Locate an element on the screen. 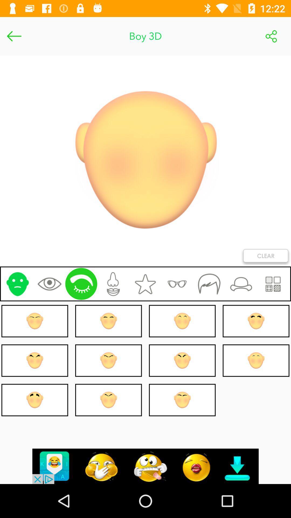 The image size is (291, 518). clear choices is located at coordinates (265, 257).